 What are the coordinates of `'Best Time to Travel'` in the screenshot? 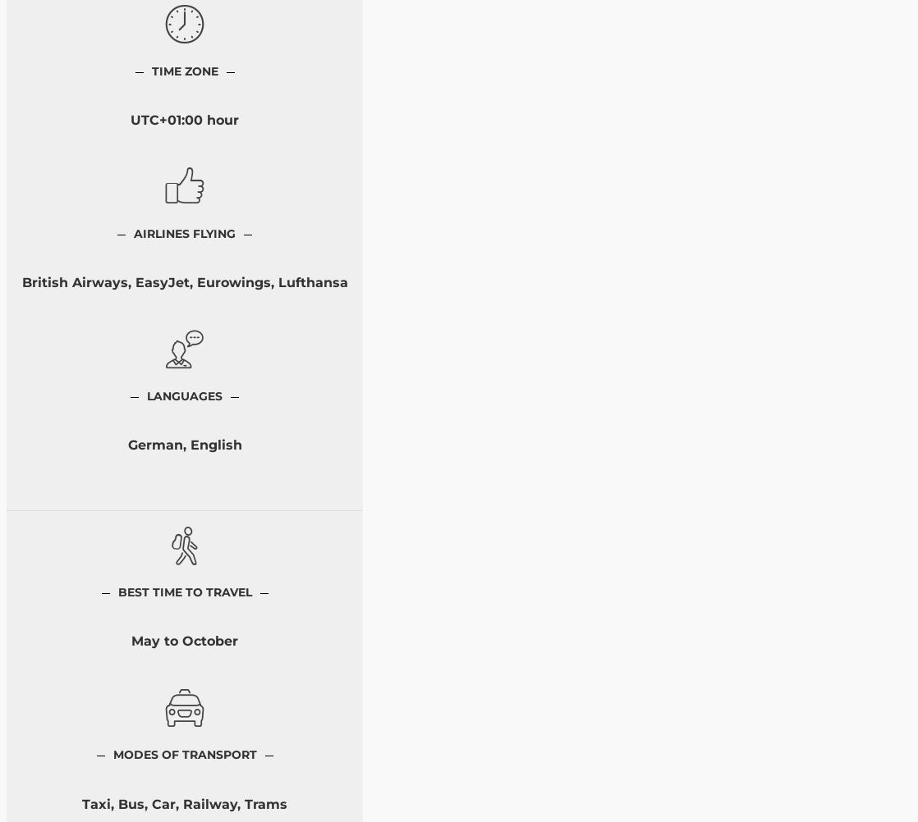 It's located at (184, 592).